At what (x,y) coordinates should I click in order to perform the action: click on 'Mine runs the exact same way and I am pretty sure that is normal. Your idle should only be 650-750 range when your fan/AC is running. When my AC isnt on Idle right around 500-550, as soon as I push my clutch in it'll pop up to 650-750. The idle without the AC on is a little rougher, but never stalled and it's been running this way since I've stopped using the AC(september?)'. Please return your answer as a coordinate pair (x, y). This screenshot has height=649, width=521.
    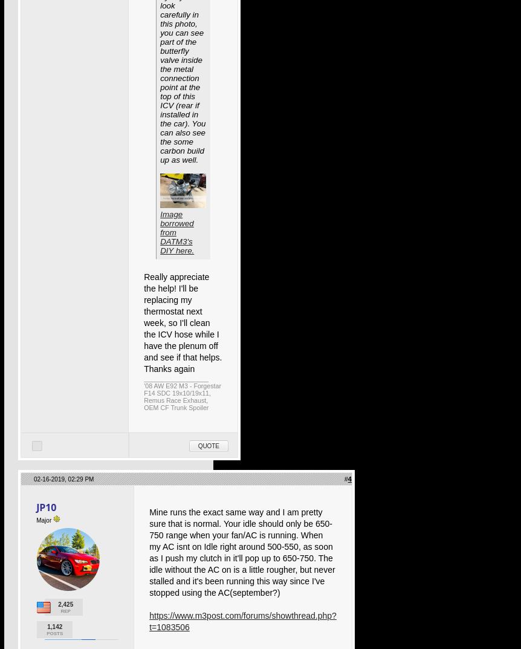
    Looking at the image, I should click on (241, 552).